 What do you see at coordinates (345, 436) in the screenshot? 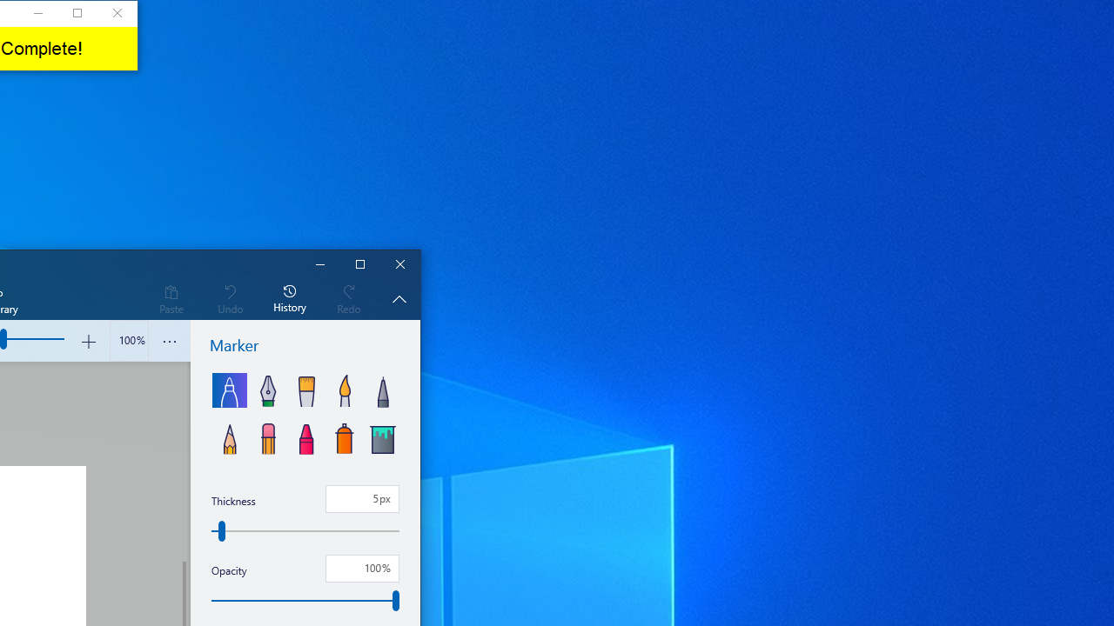
I see `'Spray can'` at bounding box center [345, 436].